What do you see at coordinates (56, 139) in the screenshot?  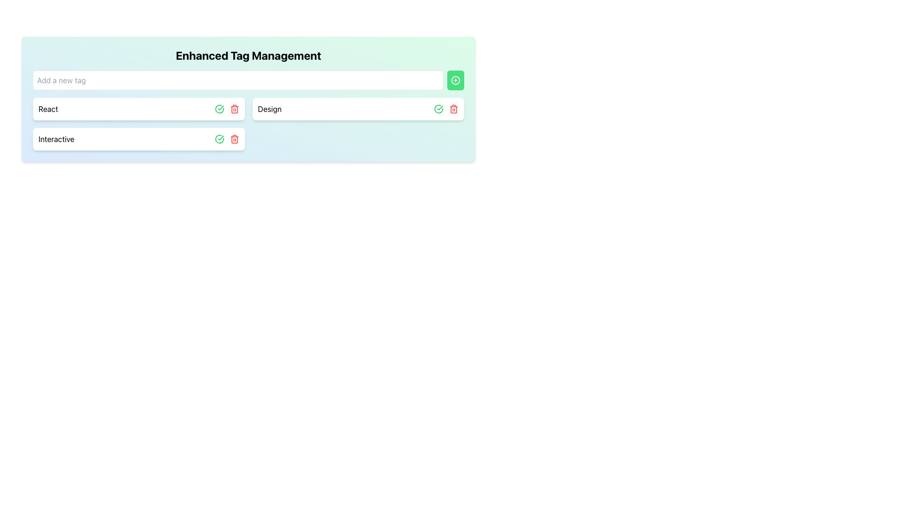 I see `text label representing a tag under 'Enhanced Tag Management', specifically the second tag entry, which is positioned below the 'React' tag` at bounding box center [56, 139].